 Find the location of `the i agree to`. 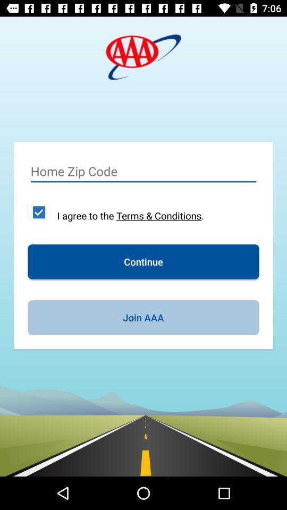

the i agree to is located at coordinates (130, 215).